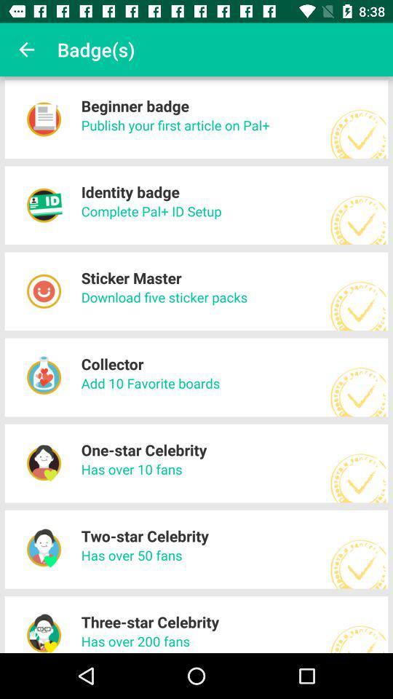 This screenshot has height=699, width=393. I want to click on icon to the left of the badge(s) item, so click(26, 50).